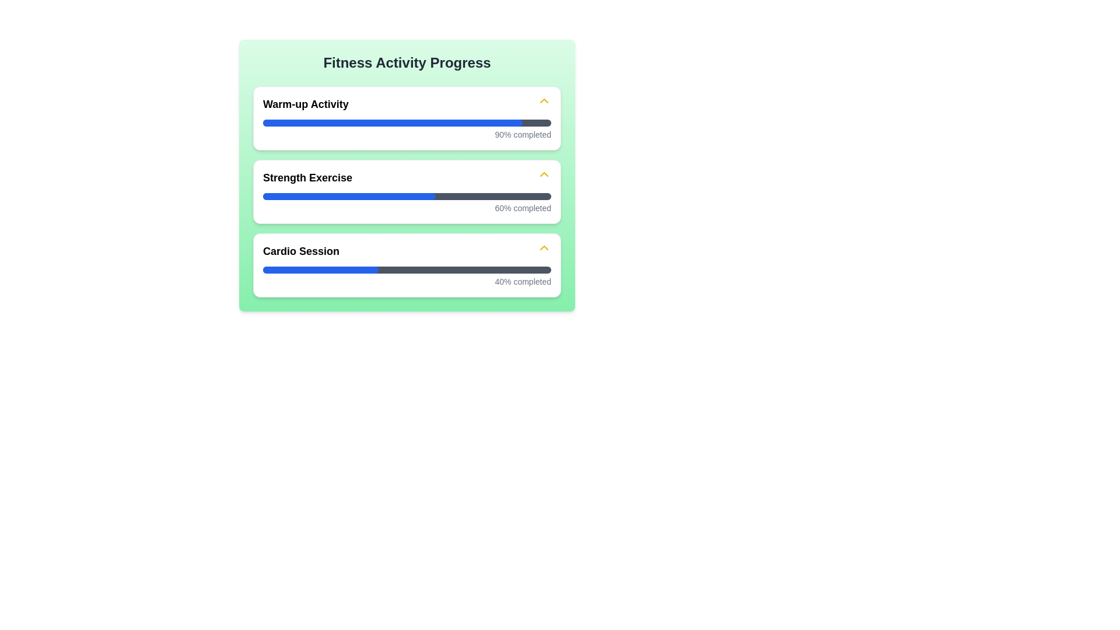  What do you see at coordinates (407, 63) in the screenshot?
I see `the heading element displaying 'Fitness Activity Progress', which is styled with a bold font and positioned within a light green background` at bounding box center [407, 63].